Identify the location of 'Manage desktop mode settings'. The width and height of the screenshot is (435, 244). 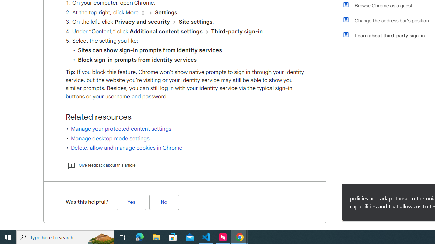
(110, 138).